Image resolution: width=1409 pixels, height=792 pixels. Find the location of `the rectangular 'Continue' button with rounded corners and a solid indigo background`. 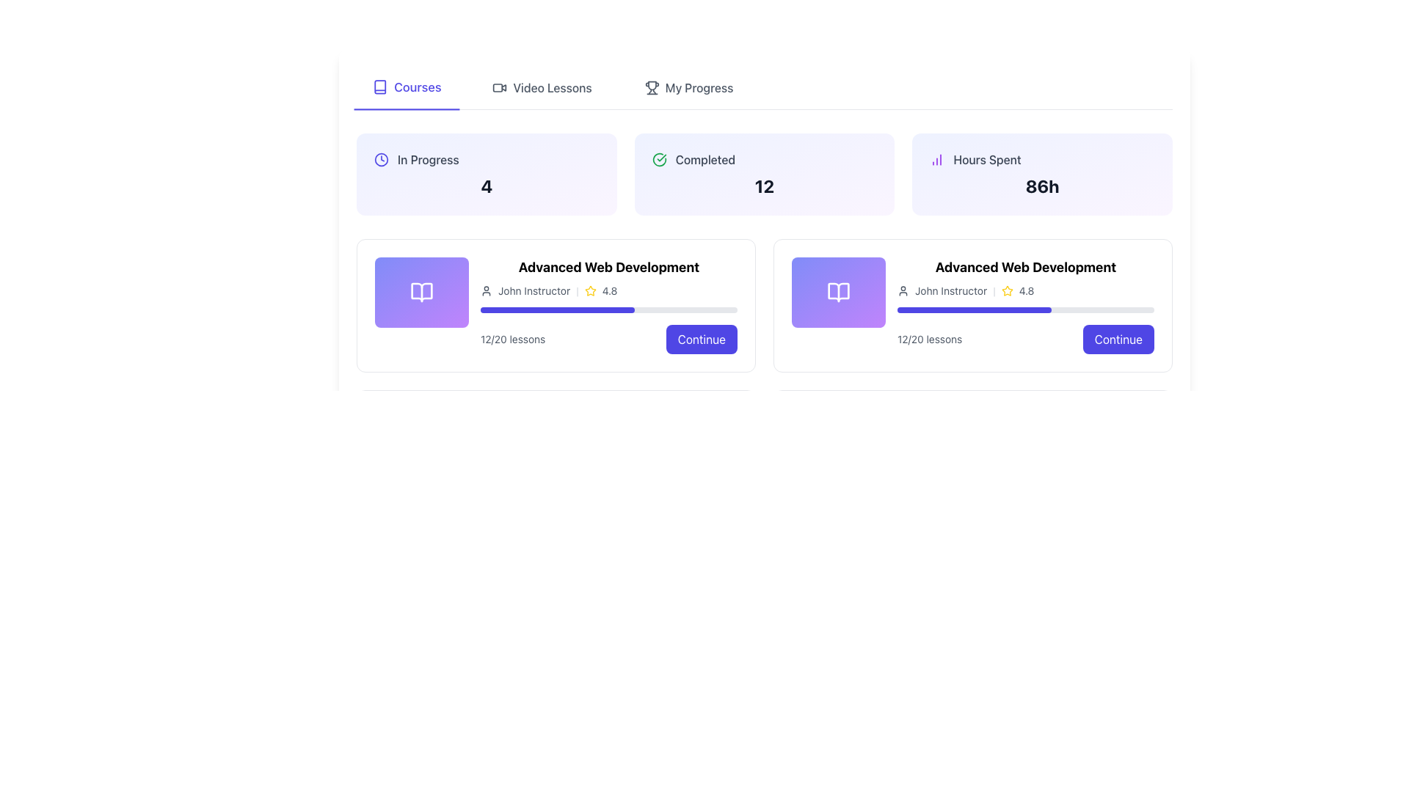

the rectangular 'Continue' button with rounded corners and a solid indigo background is located at coordinates (701, 339).